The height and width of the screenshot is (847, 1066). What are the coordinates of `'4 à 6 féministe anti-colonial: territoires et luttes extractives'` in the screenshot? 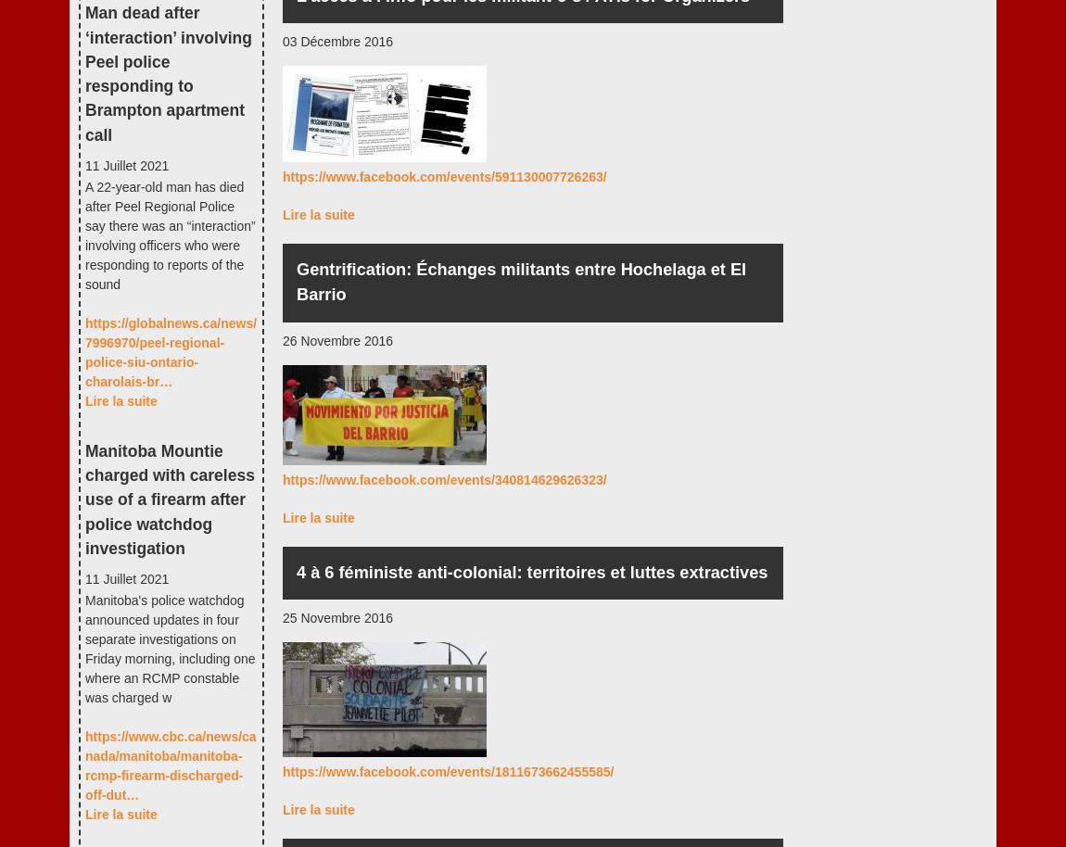 It's located at (297, 571).